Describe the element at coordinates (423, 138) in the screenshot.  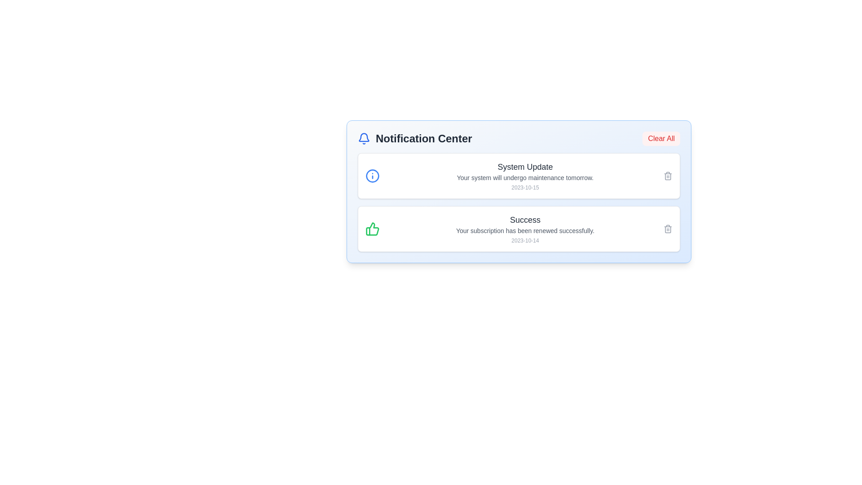
I see `the text label that serves as the title for the notification section, positioned to the right of the blue bell icon in the top section of the notification panel` at that location.